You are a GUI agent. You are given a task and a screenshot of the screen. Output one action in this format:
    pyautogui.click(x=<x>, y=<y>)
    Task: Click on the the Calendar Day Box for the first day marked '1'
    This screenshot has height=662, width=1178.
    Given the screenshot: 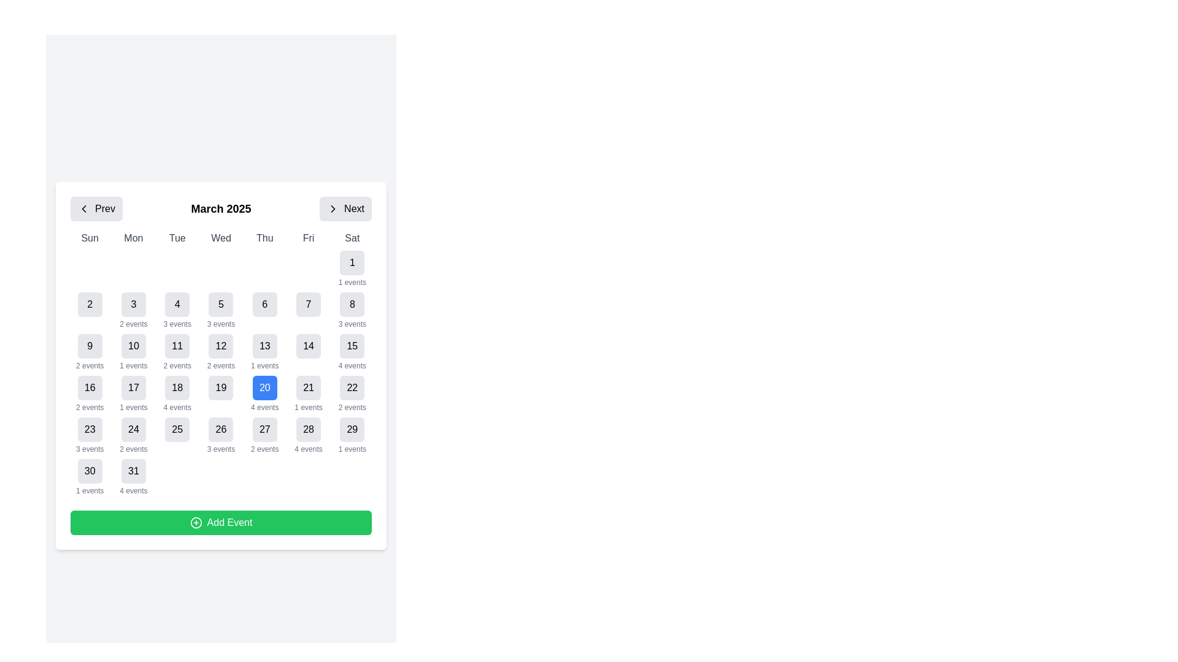 What is the action you would take?
    pyautogui.click(x=352, y=268)
    